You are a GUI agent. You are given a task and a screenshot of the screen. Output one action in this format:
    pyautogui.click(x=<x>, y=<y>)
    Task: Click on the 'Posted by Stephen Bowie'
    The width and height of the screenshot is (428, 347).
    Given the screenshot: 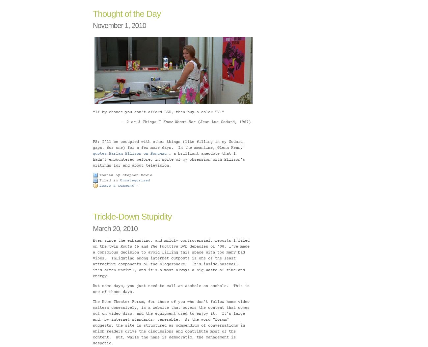 What is the action you would take?
    pyautogui.click(x=126, y=175)
    